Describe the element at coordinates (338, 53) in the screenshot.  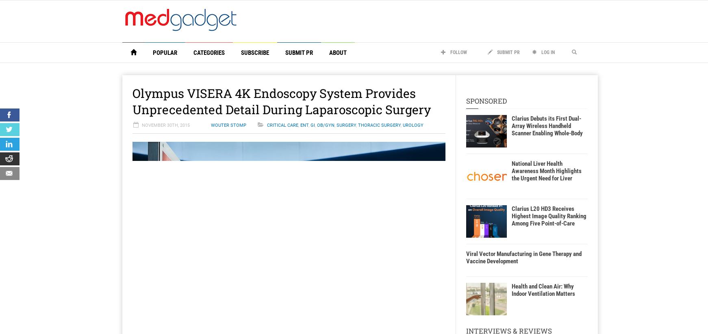
I see `'About'` at that location.